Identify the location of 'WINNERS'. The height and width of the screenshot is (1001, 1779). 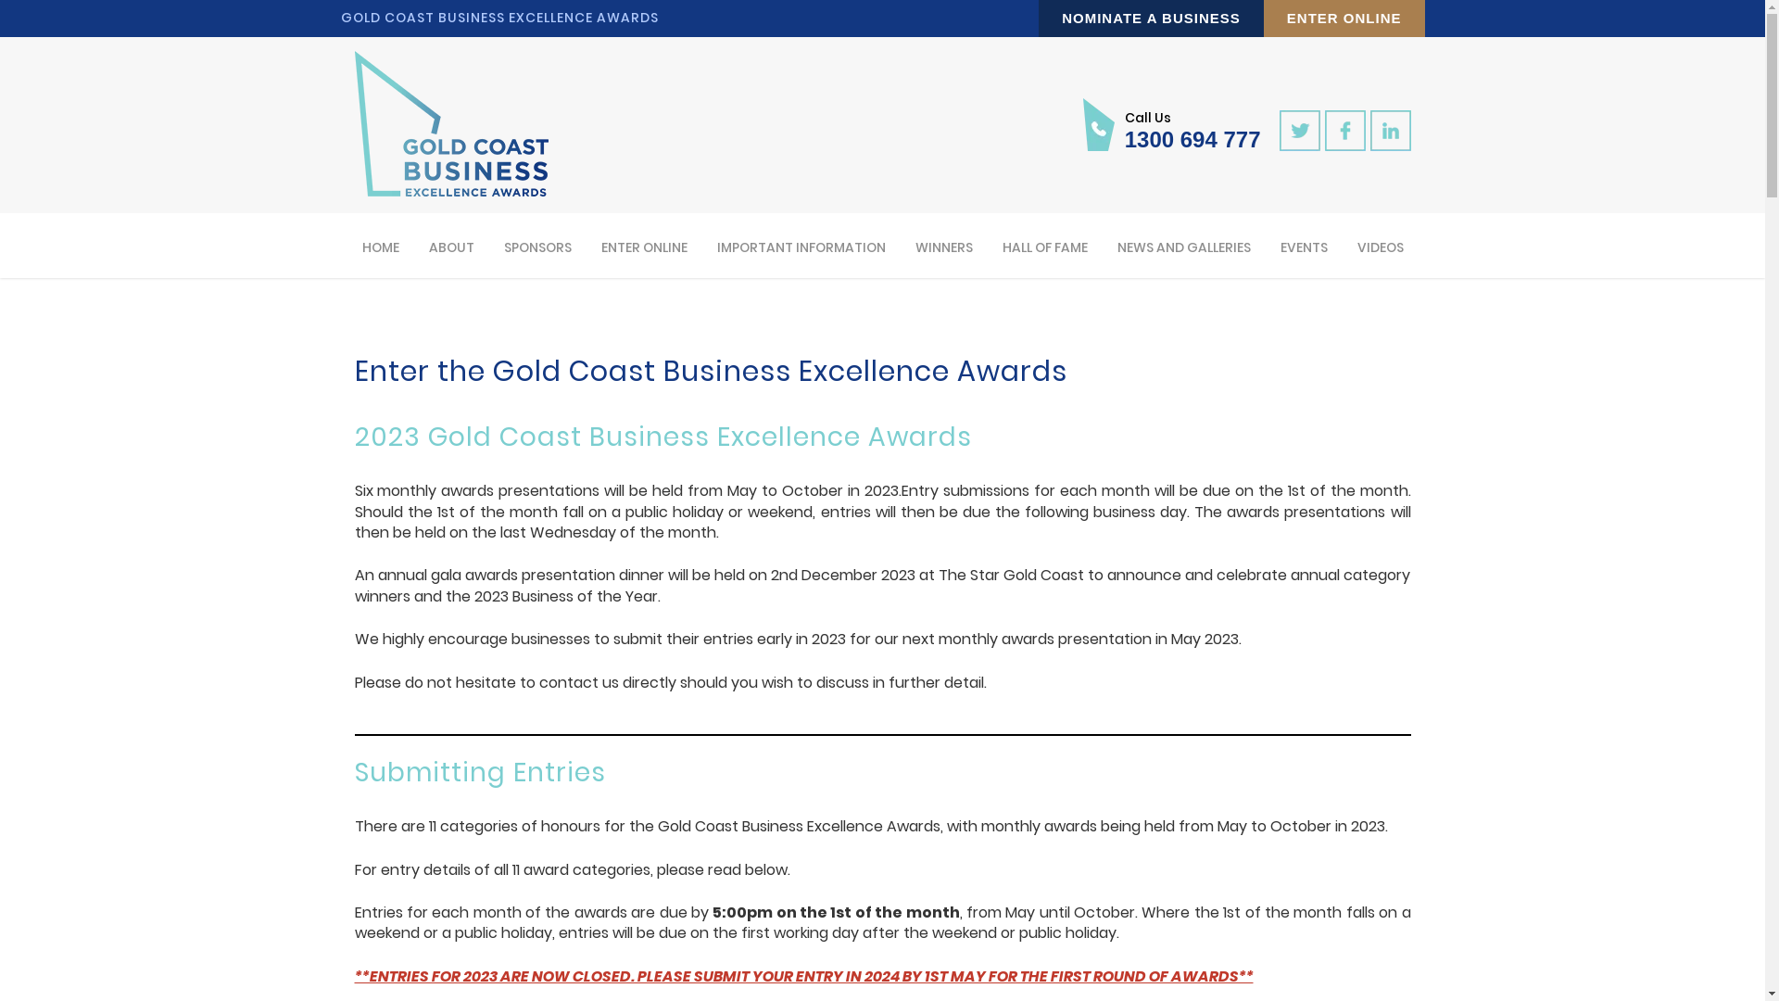
(942, 245).